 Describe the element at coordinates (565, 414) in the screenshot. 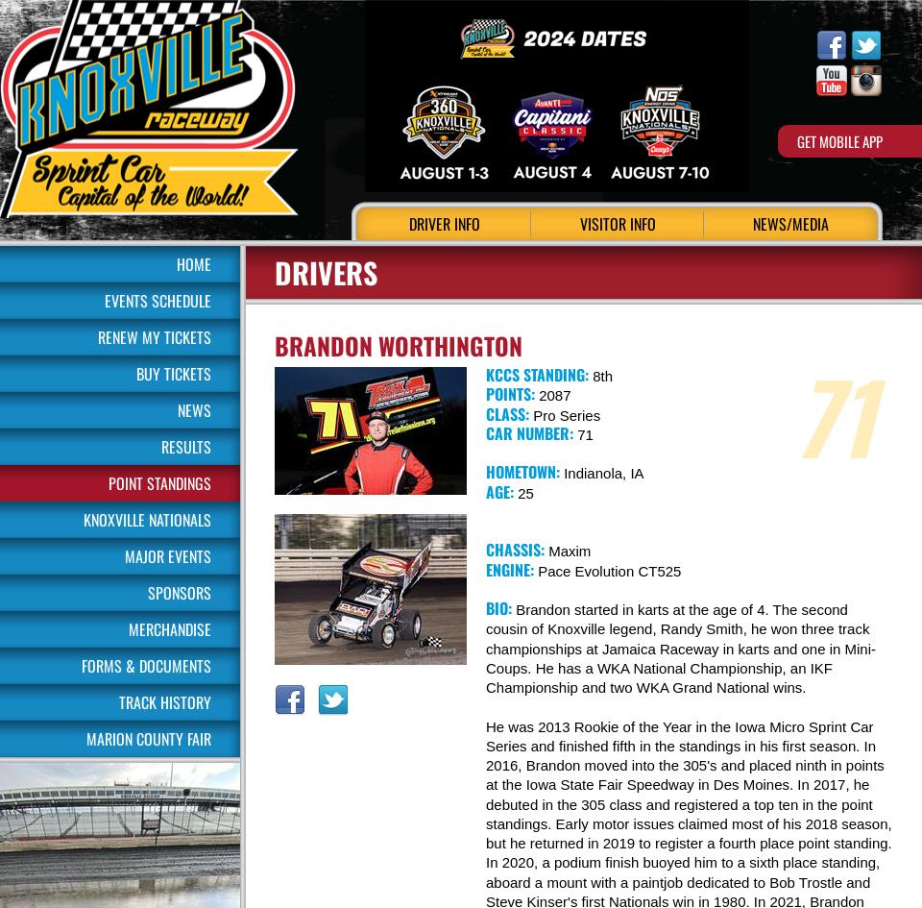

I see `'Pro Series'` at that location.